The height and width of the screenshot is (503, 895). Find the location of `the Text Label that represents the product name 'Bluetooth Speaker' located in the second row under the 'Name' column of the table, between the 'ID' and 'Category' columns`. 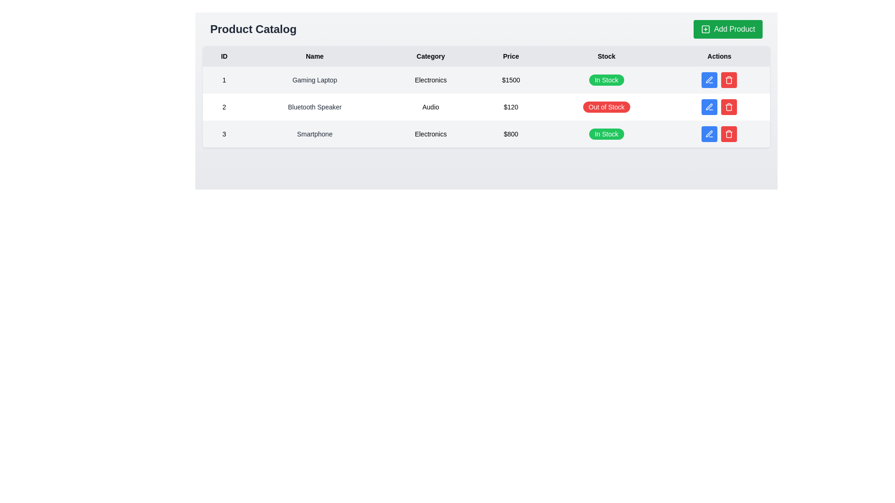

the Text Label that represents the product name 'Bluetooth Speaker' located in the second row under the 'Name' column of the table, between the 'ID' and 'Category' columns is located at coordinates (315, 107).